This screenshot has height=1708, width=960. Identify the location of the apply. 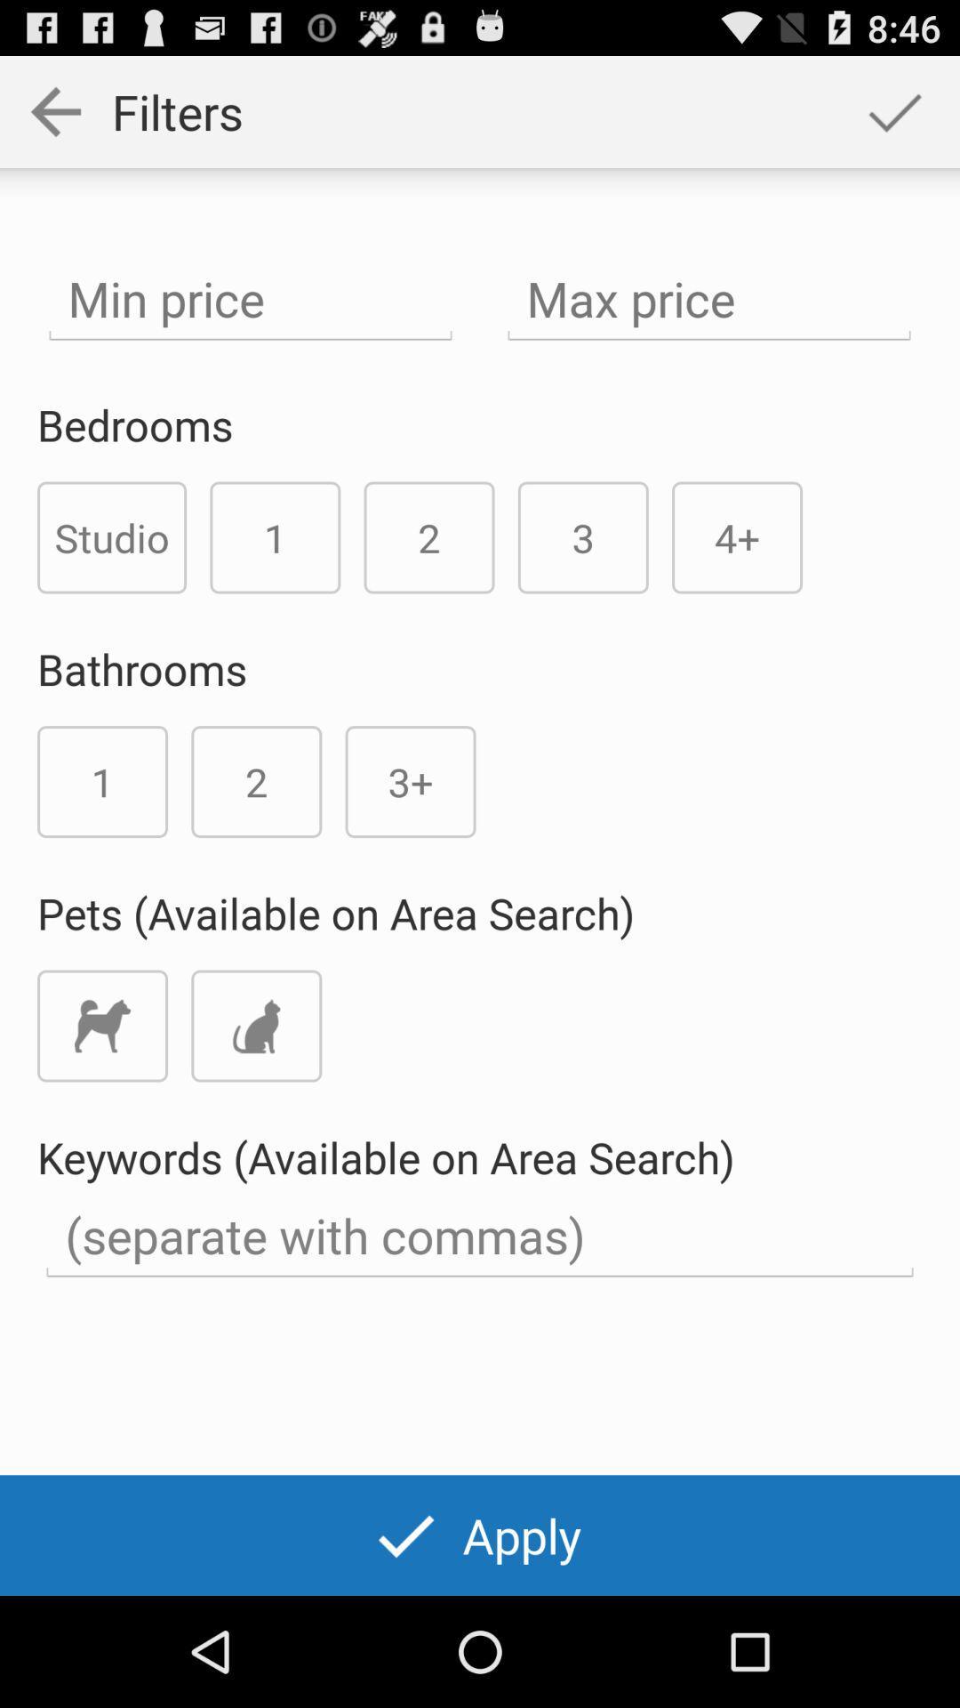
(480, 1535).